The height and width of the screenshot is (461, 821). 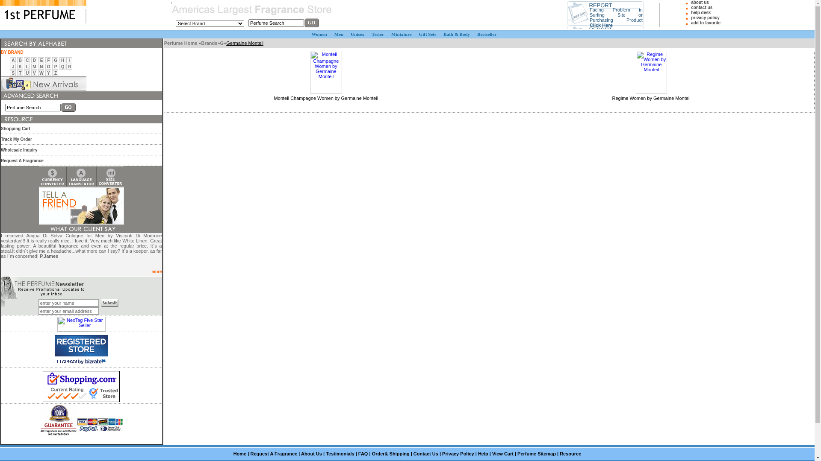 I want to click on 'Perfume Home', so click(x=181, y=43).